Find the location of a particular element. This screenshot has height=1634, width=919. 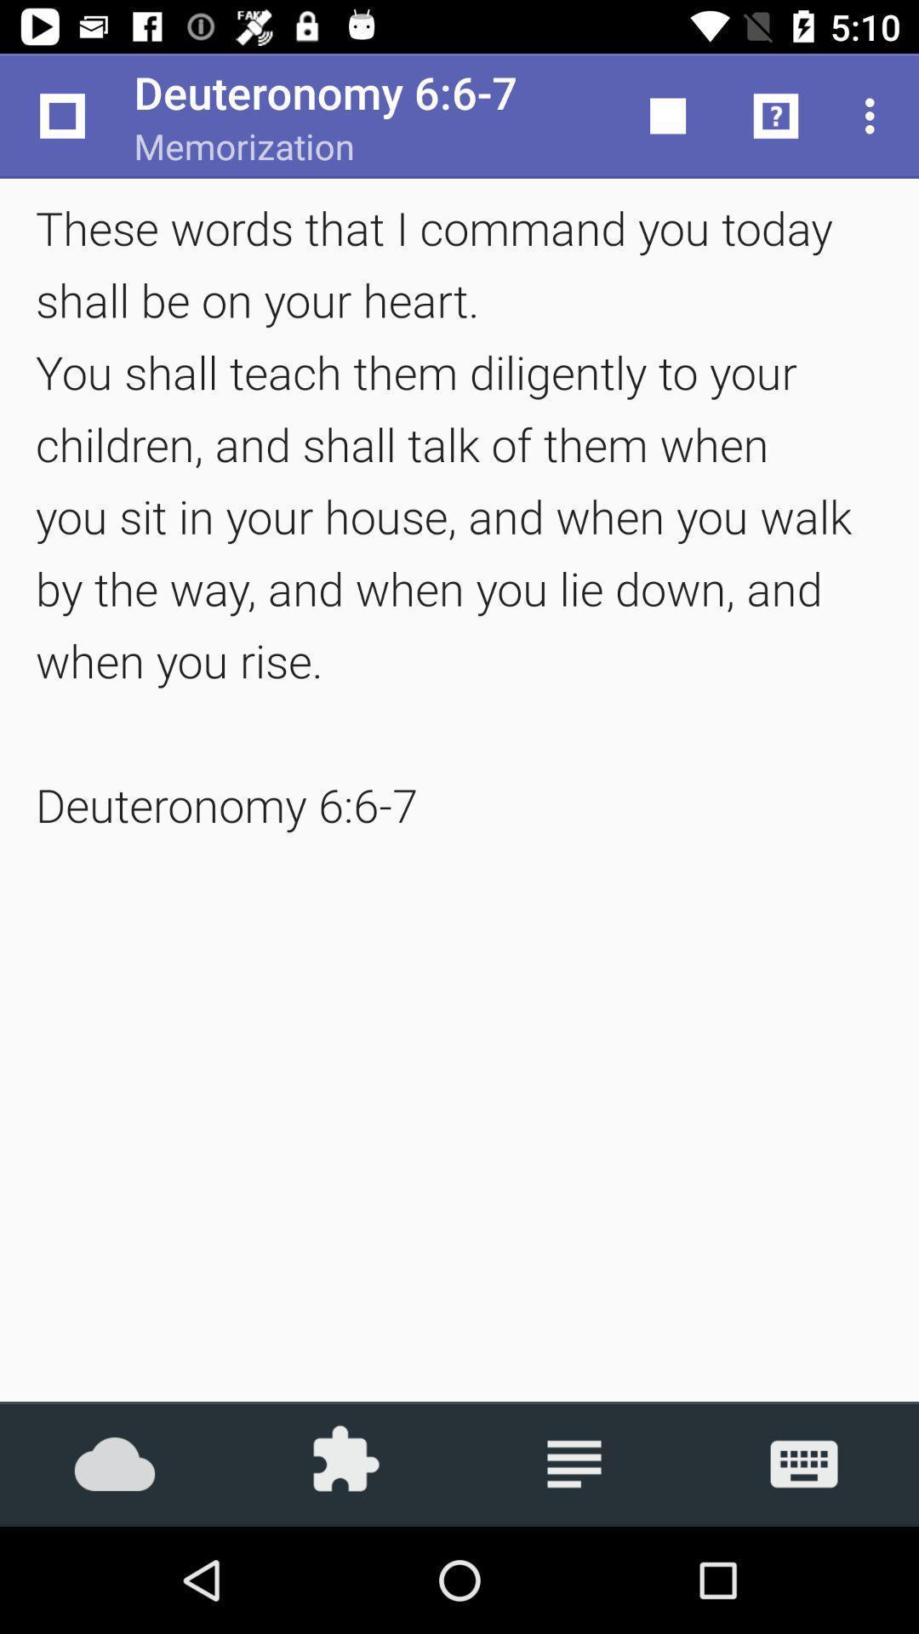

icon to the left of the memorization is located at coordinates (61, 115).